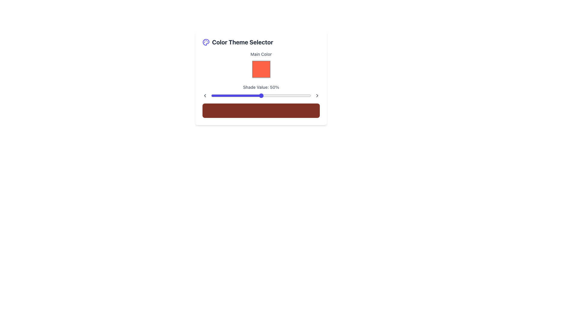 This screenshot has width=576, height=324. What do you see at coordinates (245, 95) in the screenshot?
I see `the shade value` at bounding box center [245, 95].